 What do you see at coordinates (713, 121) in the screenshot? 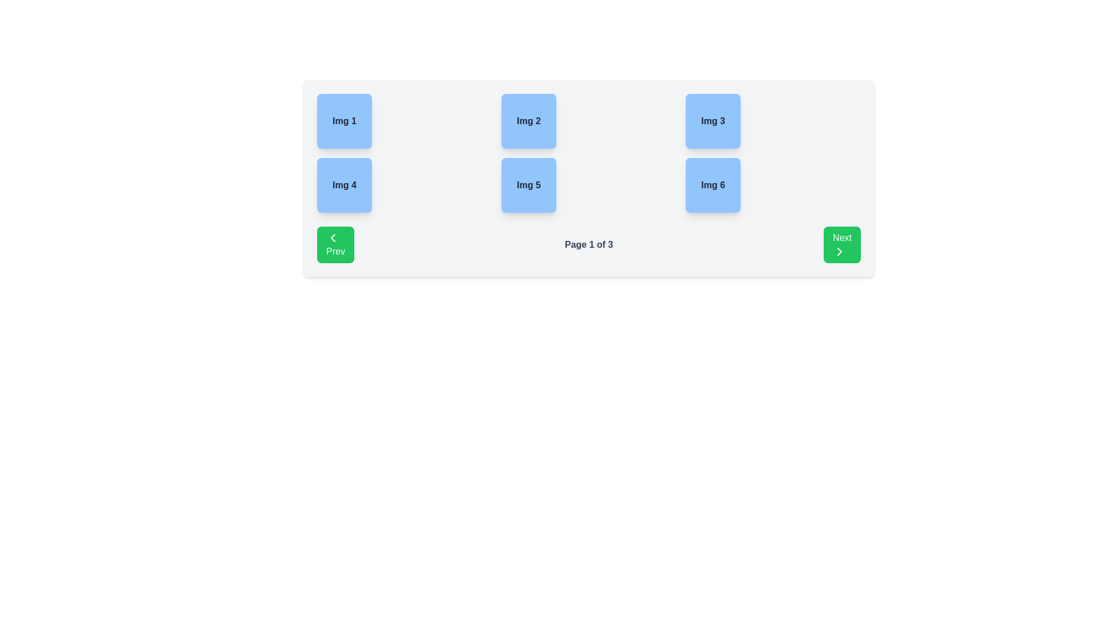
I see `the text label located in the top-rightmost blue box of the 2x3 grid, which serves as an identifier within the interface` at bounding box center [713, 121].